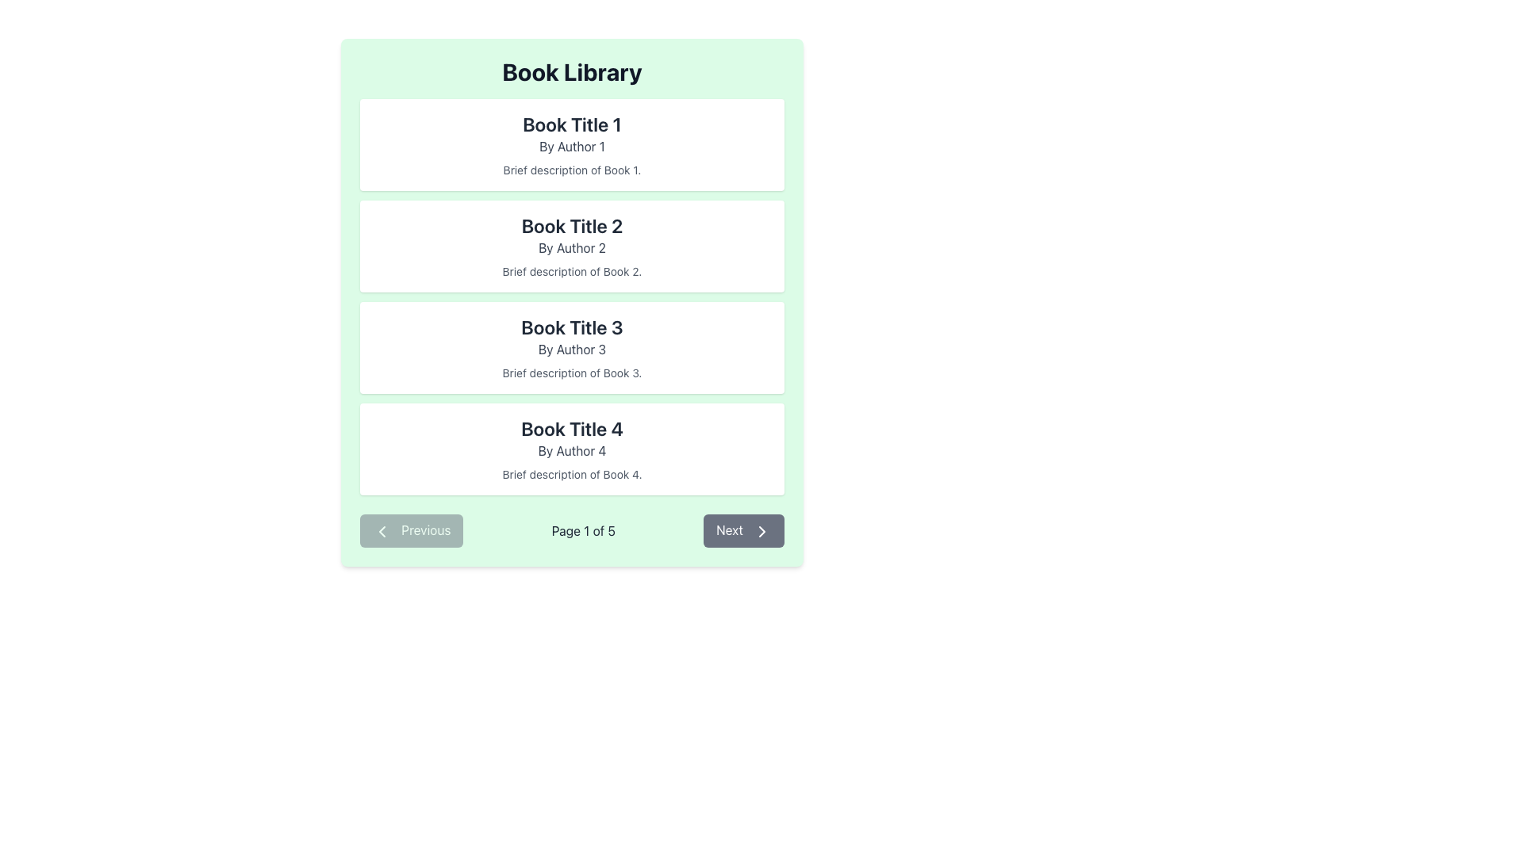  Describe the element at coordinates (571, 473) in the screenshot. I see `the Text Label element that displays 'Brief description of Book 4.' which is located below 'By Author 4.'` at that location.